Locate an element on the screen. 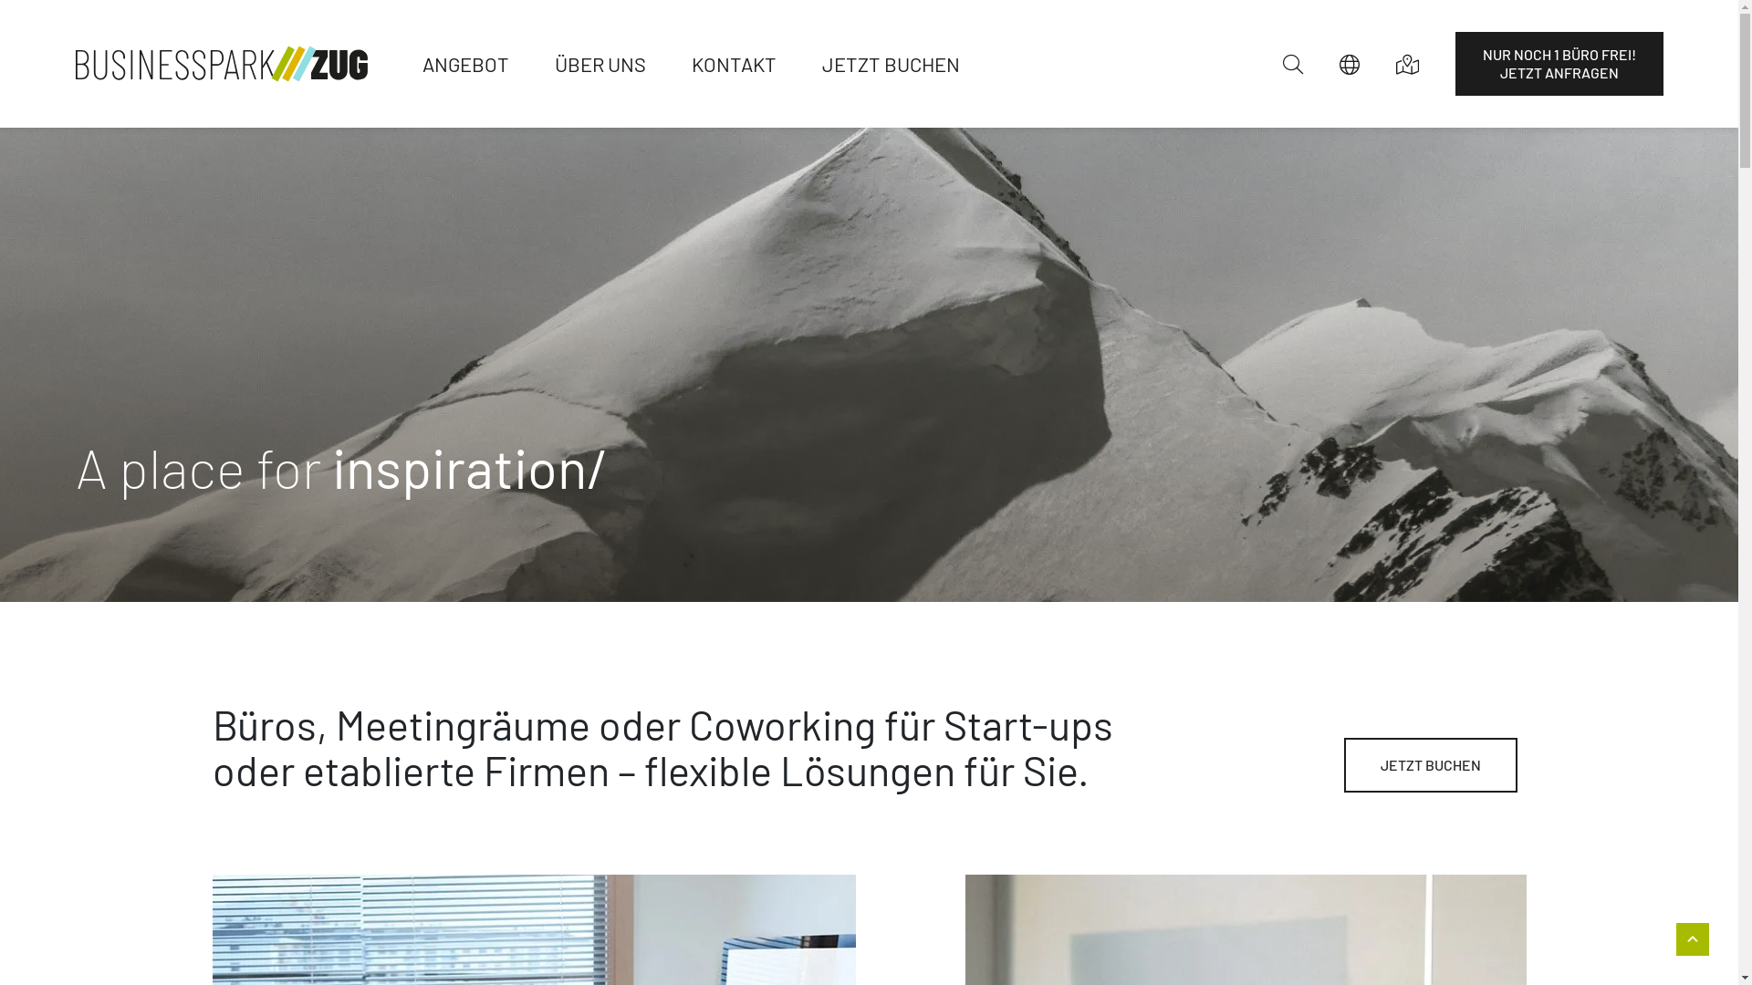 The width and height of the screenshot is (1752, 985). 'KONTAKT' is located at coordinates (733, 63).